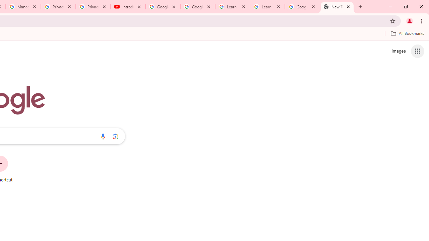  What do you see at coordinates (302, 7) in the screenshot?
I see `'Google Account'` at bounding box center [302, 7].